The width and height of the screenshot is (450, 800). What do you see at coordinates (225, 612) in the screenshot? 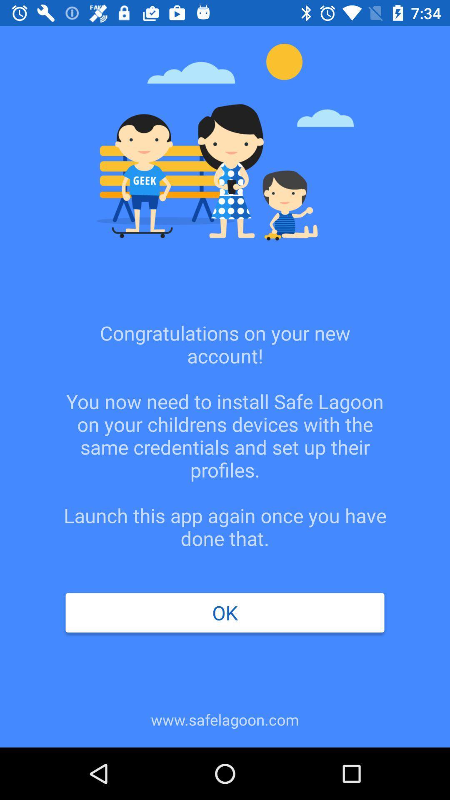
I see `the item below the congratulations on your item` at bounding box center [225, 612].